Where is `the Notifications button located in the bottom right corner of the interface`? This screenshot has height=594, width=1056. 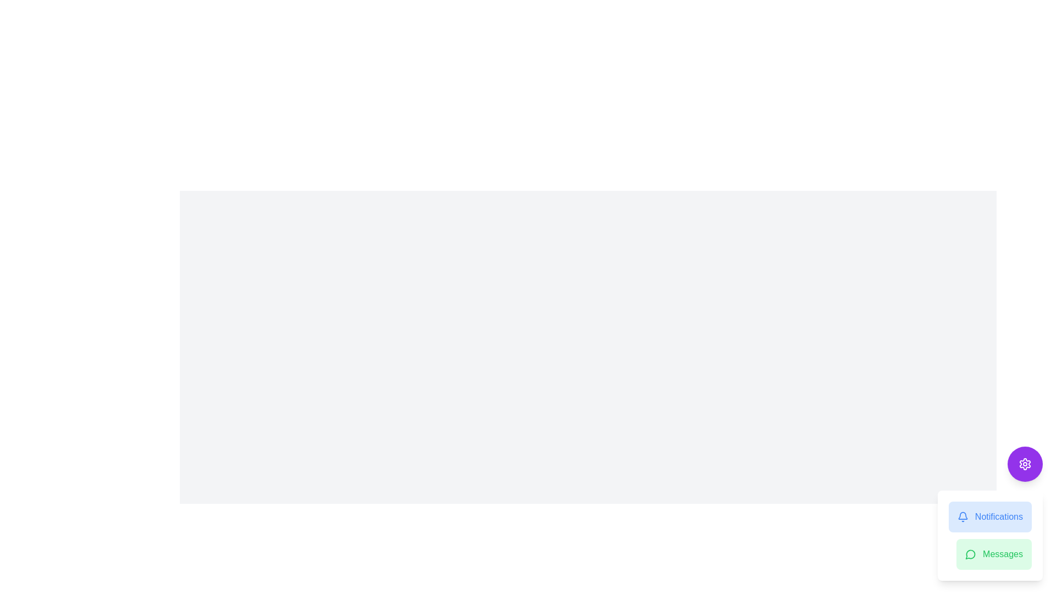
the Notifications button located in the bottom right corner of the interface is located at coordinates (990, 513).